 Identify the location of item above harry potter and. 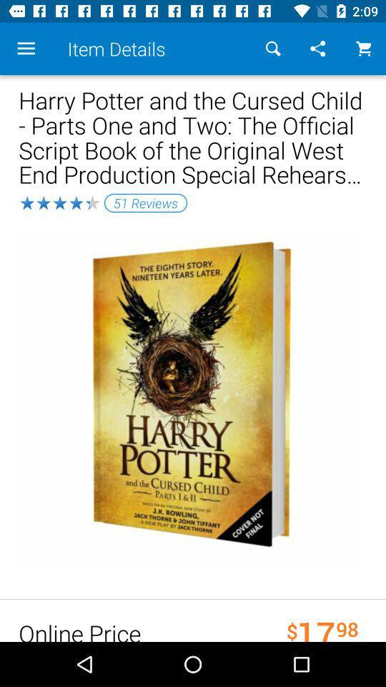
(26, 49).